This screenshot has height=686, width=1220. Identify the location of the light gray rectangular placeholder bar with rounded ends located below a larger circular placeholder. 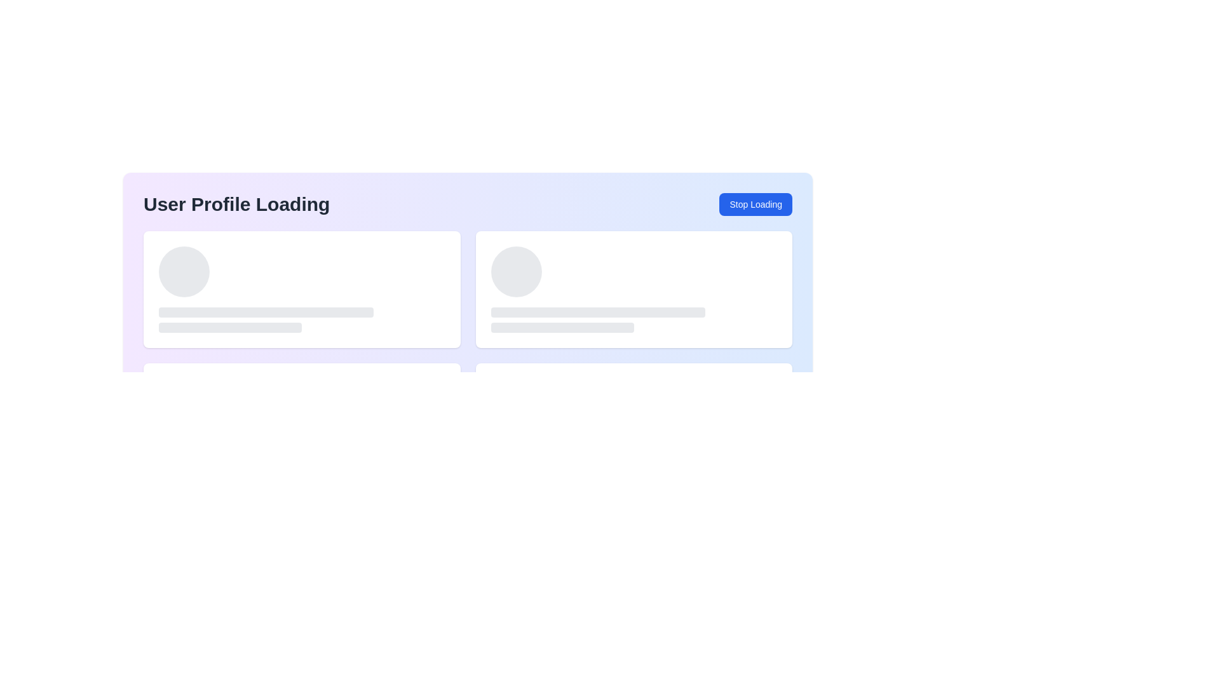
(265, 313).